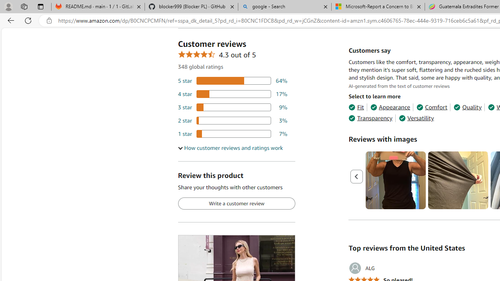 This screenshot has height=281, width=500. What do you see at coordinates (236, 203) in the screenshot?
I see `'Write a customer review'` at bounding box center [236, 203].